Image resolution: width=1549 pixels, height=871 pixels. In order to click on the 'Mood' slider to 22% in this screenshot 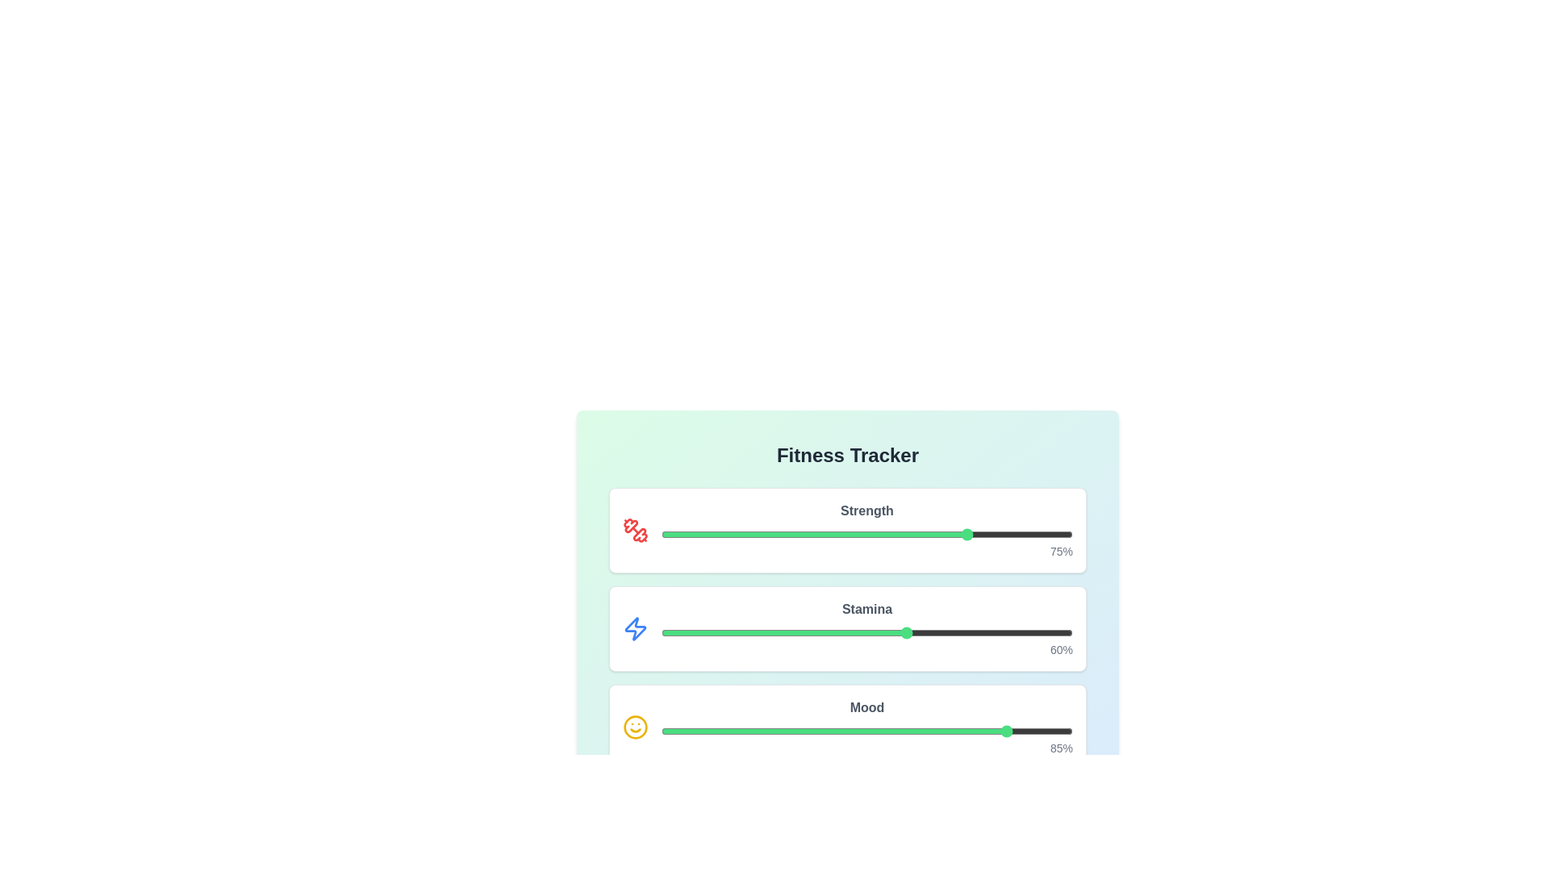, I will do `click(751, 731)`.